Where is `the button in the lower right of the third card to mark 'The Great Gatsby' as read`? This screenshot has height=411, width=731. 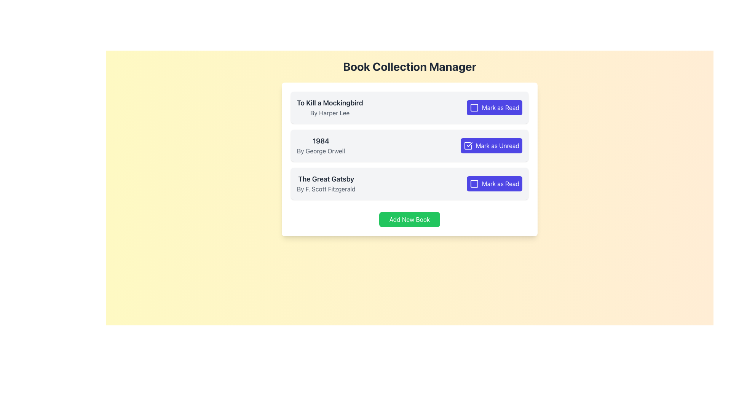
the button in the lower right of the third card to mark 'The Great Gatsby' as read is located at coordinates (494, 183).